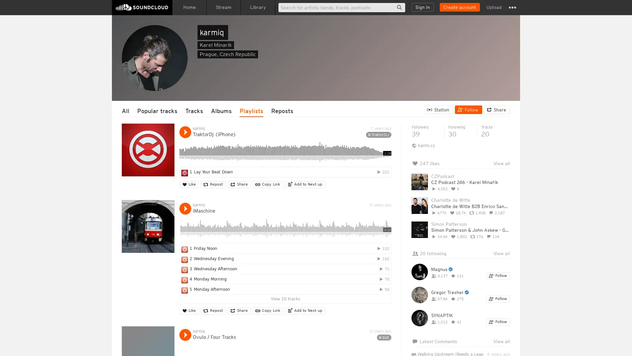 The height and width of the screenshot is (356, 632). What do you see at coordinates (189, 184) in the screenshot?
I see `Like` at bounding box center [189, 184].